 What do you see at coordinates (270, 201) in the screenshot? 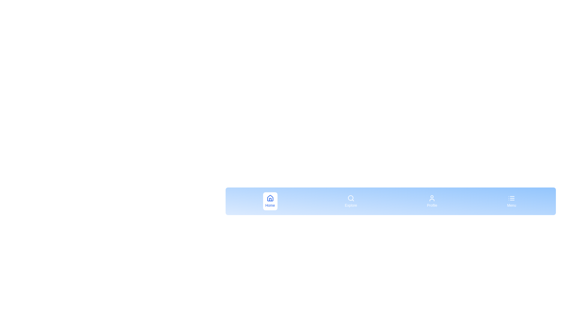
I see `the Home button to observe the hover effect` at bounding box center [270, 201].